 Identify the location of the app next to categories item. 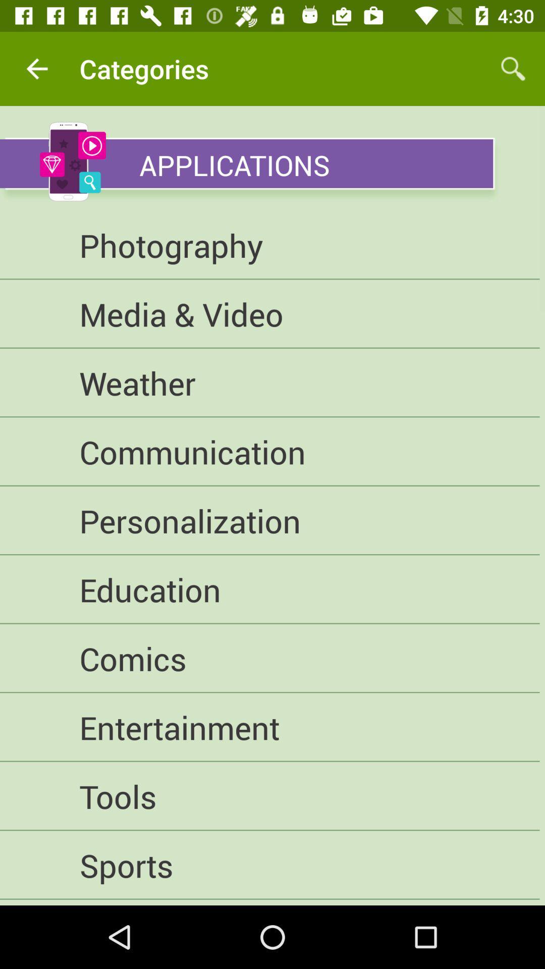
(513, 68).